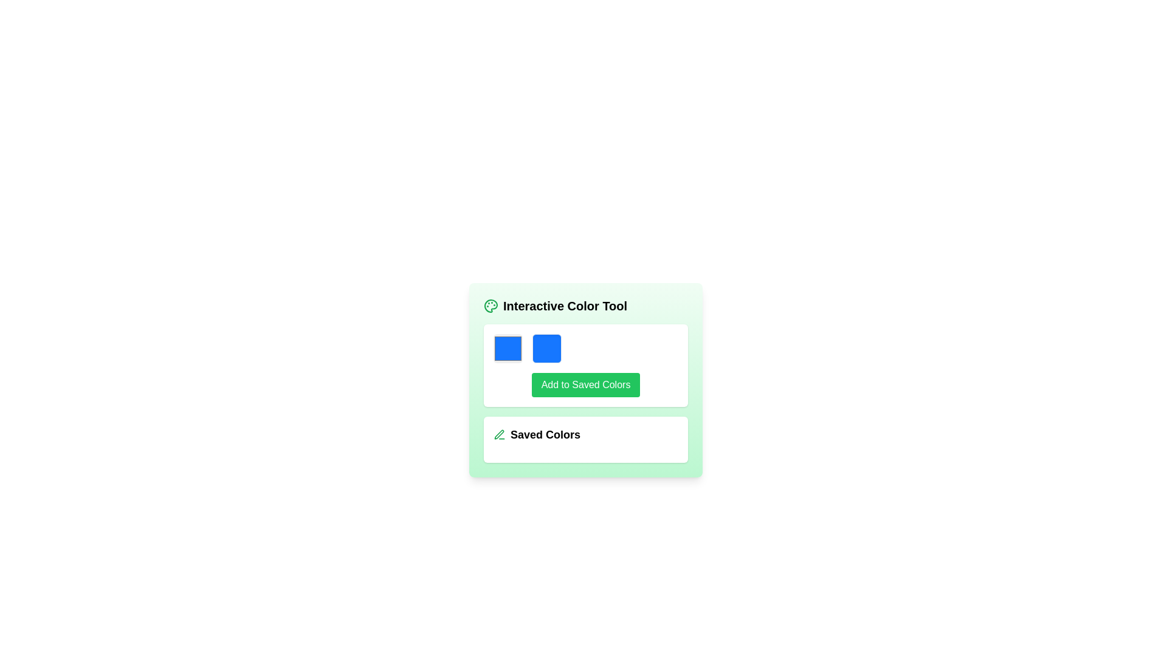 This screenshot has height=656, width=1167. What do you see at coordinates (491, 306) in the screenshot?
I see `the 'Interactive Color Tool' icon located at the top-left of the component` at bounding box center [491, 306].